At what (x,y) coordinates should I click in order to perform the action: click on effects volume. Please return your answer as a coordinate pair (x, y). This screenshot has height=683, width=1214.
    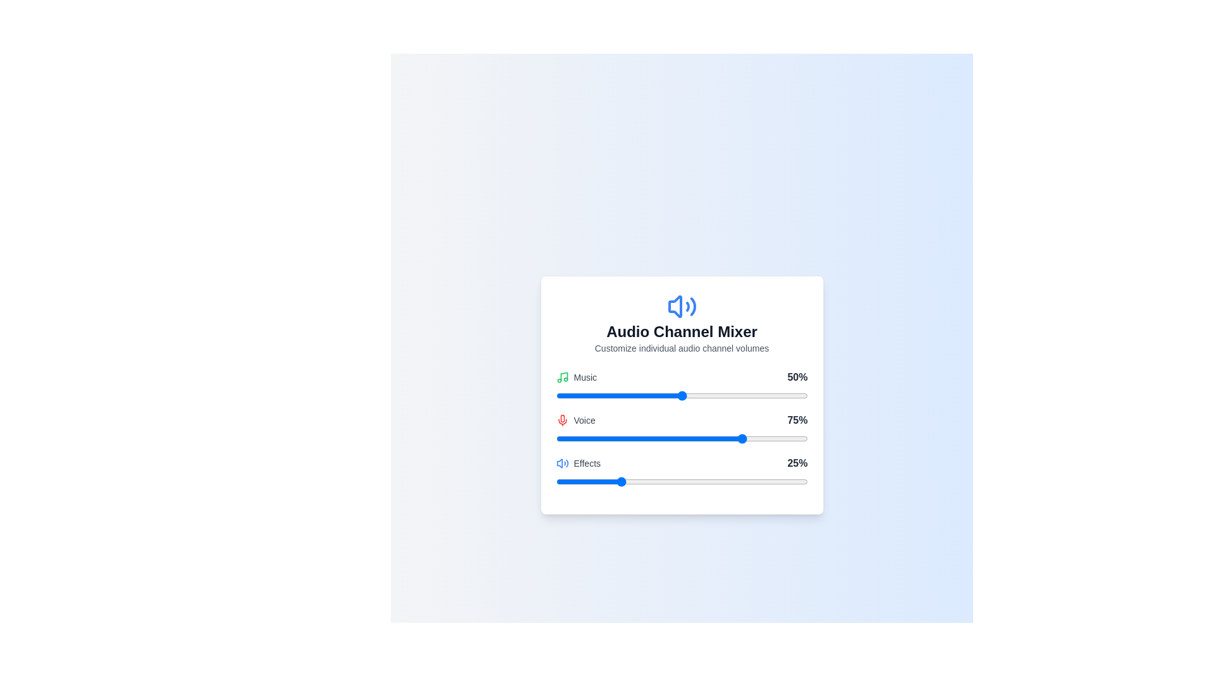
    Looking at the image, I should click on (619, 482).